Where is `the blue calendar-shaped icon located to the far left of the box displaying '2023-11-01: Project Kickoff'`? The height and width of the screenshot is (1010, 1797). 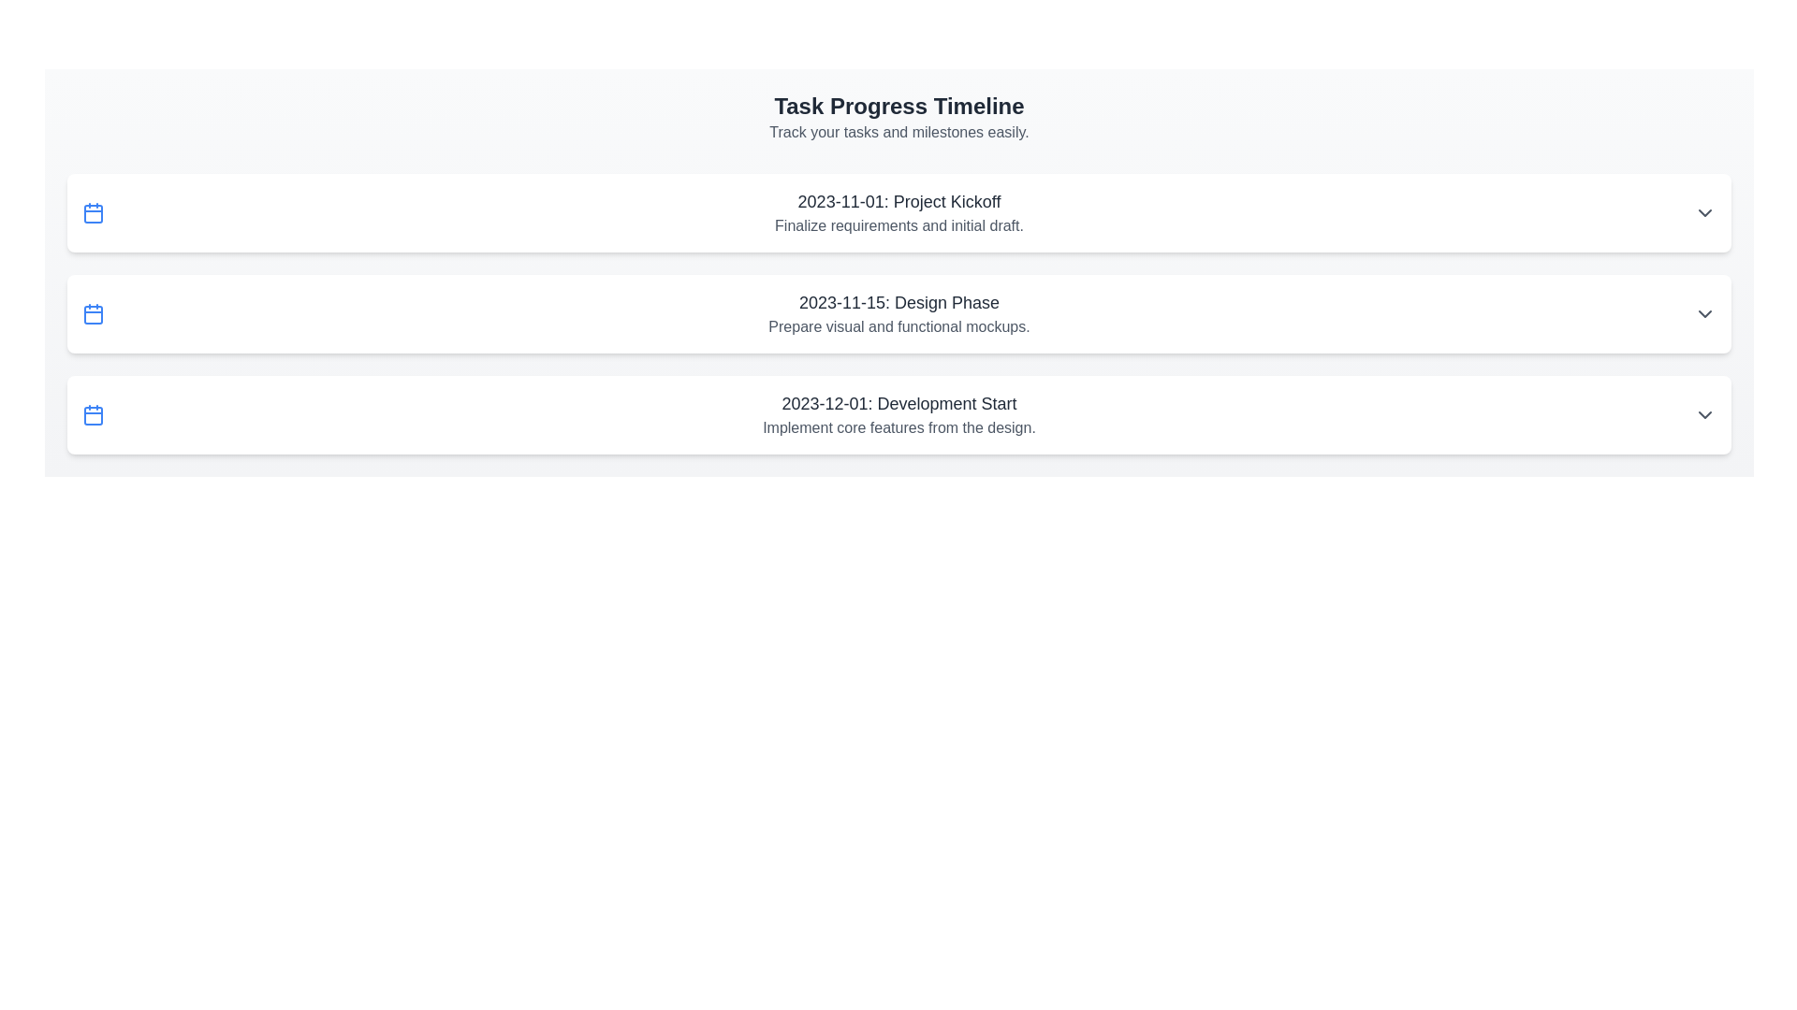 the blue calendar-shaped icon located to the far left of the box displaying '2023-11-01: Project Kickoff' is located at coordinates (93, 211).